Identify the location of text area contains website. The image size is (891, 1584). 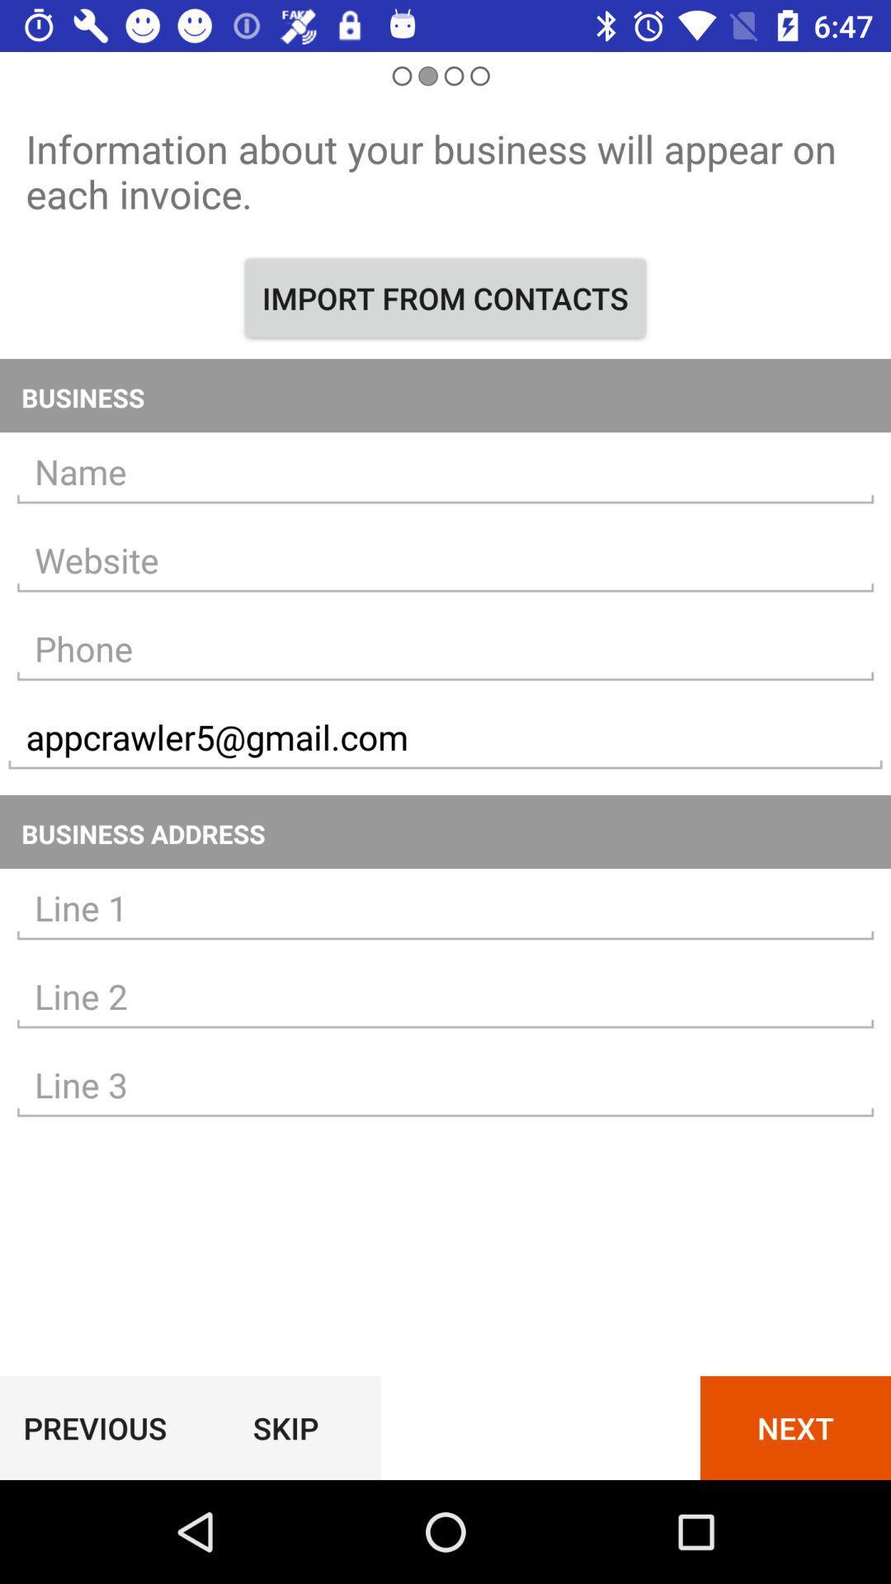
(445, 560).